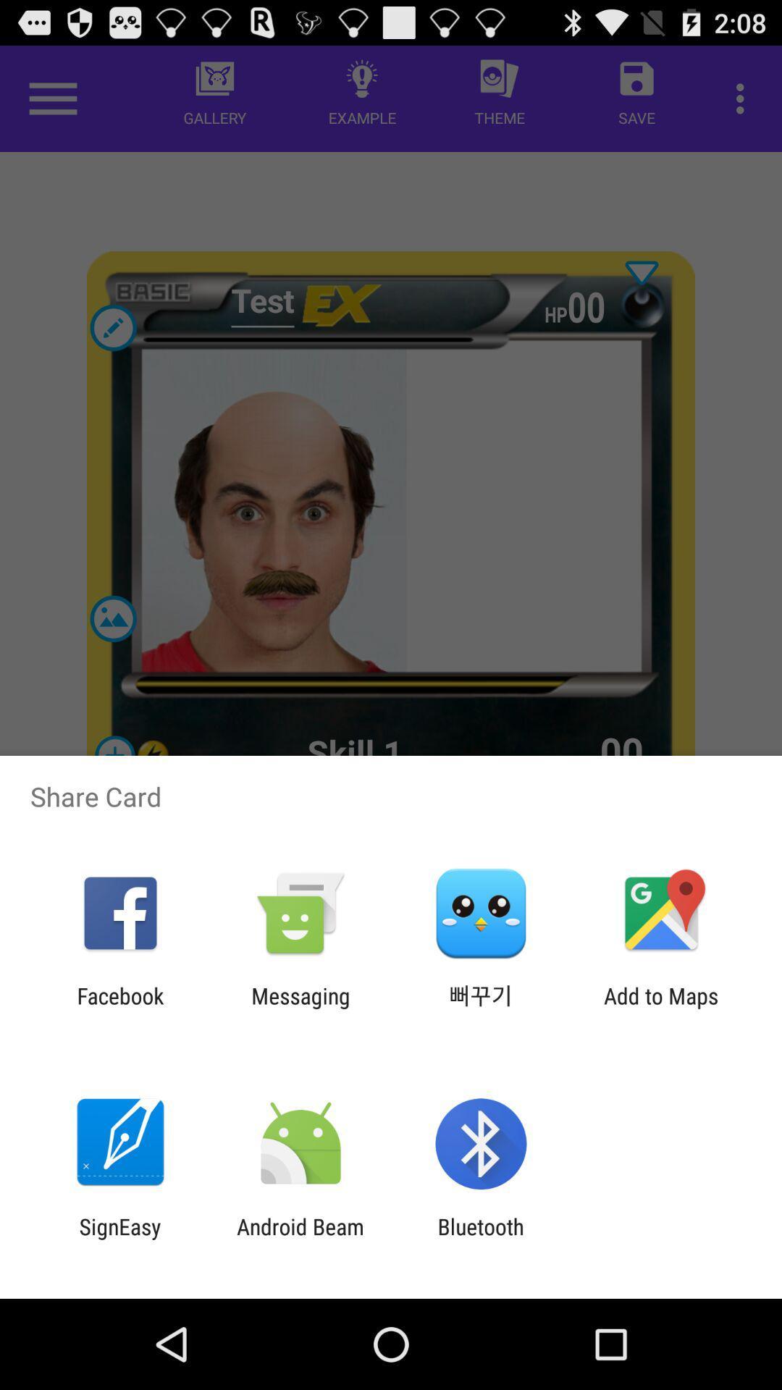 The image size is (782, 1390). I want to click on the app next to messaging, so click(119, 1008).